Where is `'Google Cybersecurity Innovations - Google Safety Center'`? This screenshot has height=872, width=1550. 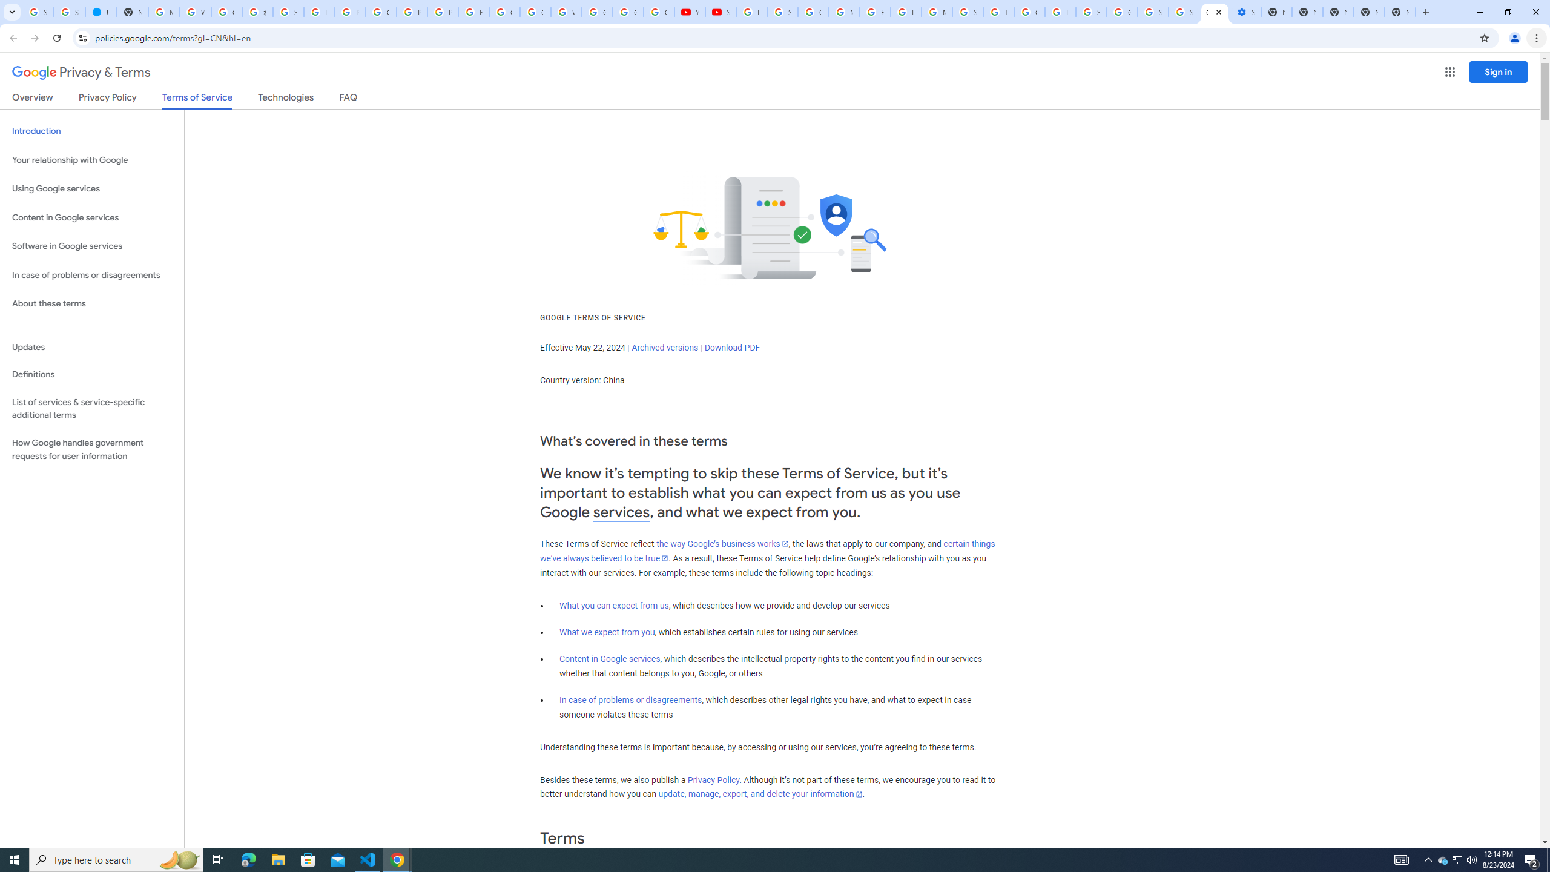
'Google Cybersecurity Innovations - Google Safety Center' is located at coordinates (1123, 12).